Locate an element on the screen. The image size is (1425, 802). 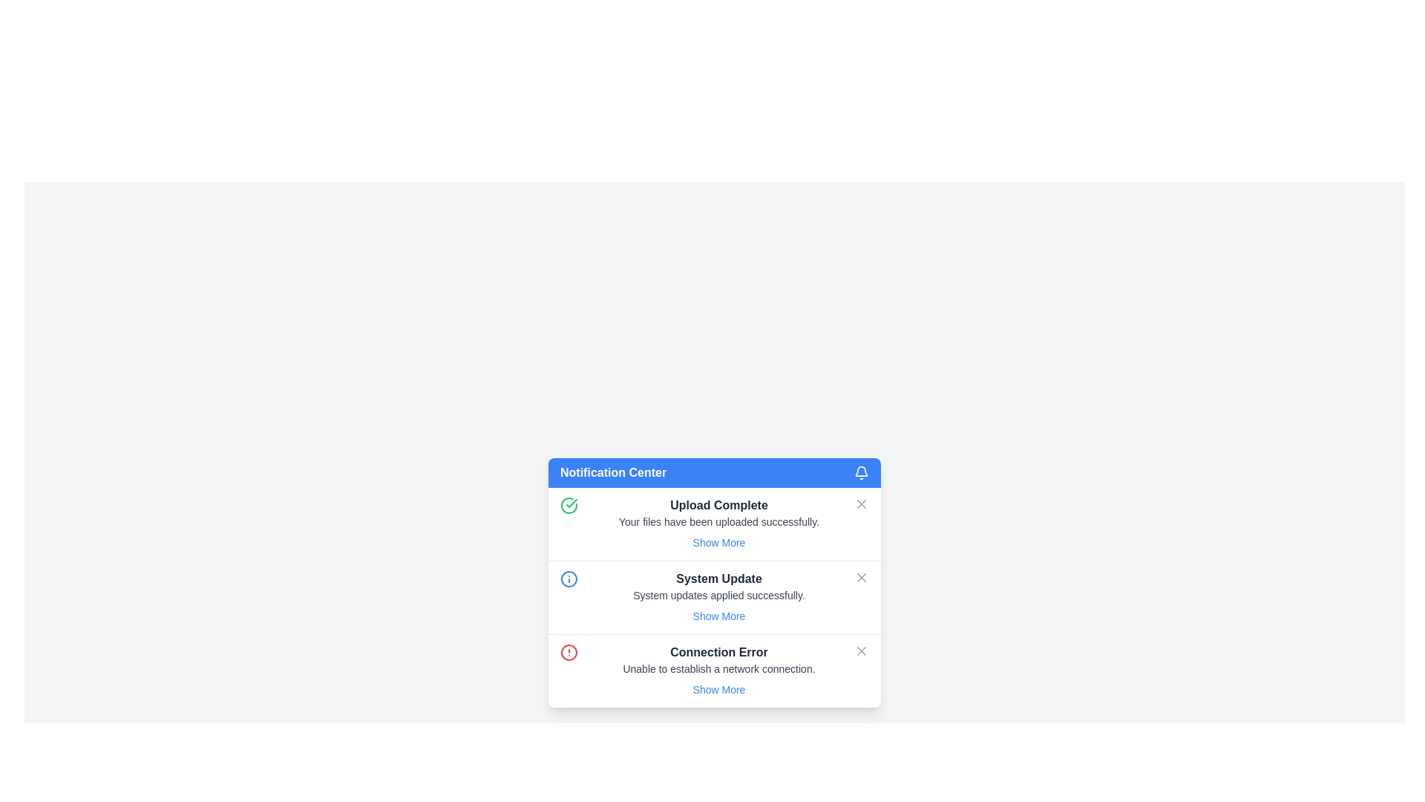
the hyperlink located in the lower-right section of the 'Connection Error' notification card, beneath the text 'Unable to establish a network connection', in preparation for interaction is located at coordinates (719, 690).